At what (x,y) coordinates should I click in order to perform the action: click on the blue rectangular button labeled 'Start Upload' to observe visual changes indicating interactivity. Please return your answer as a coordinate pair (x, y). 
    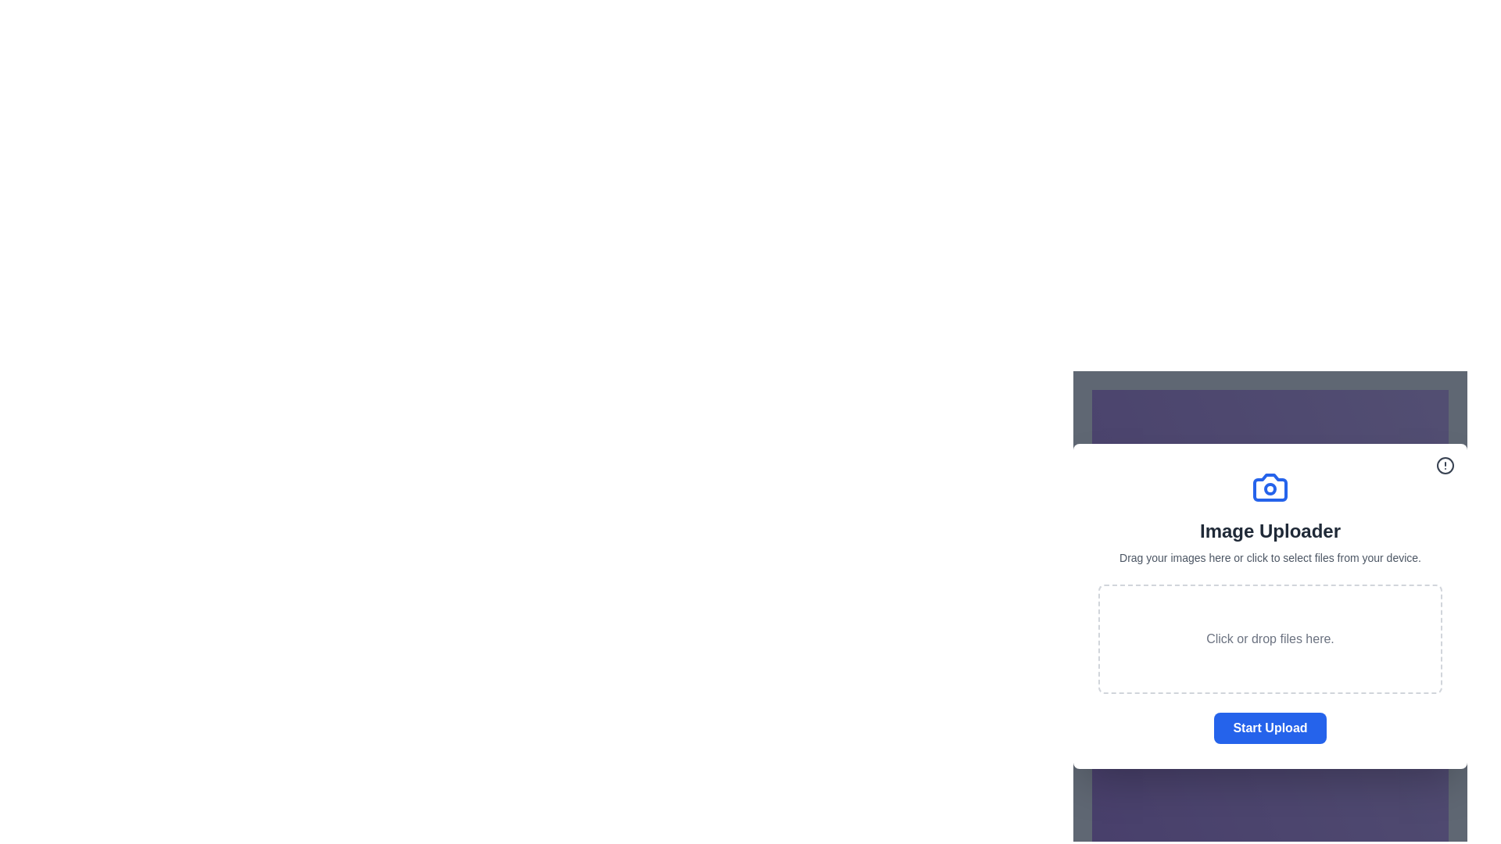
    Looking at the image, I should click on (1270, 728).